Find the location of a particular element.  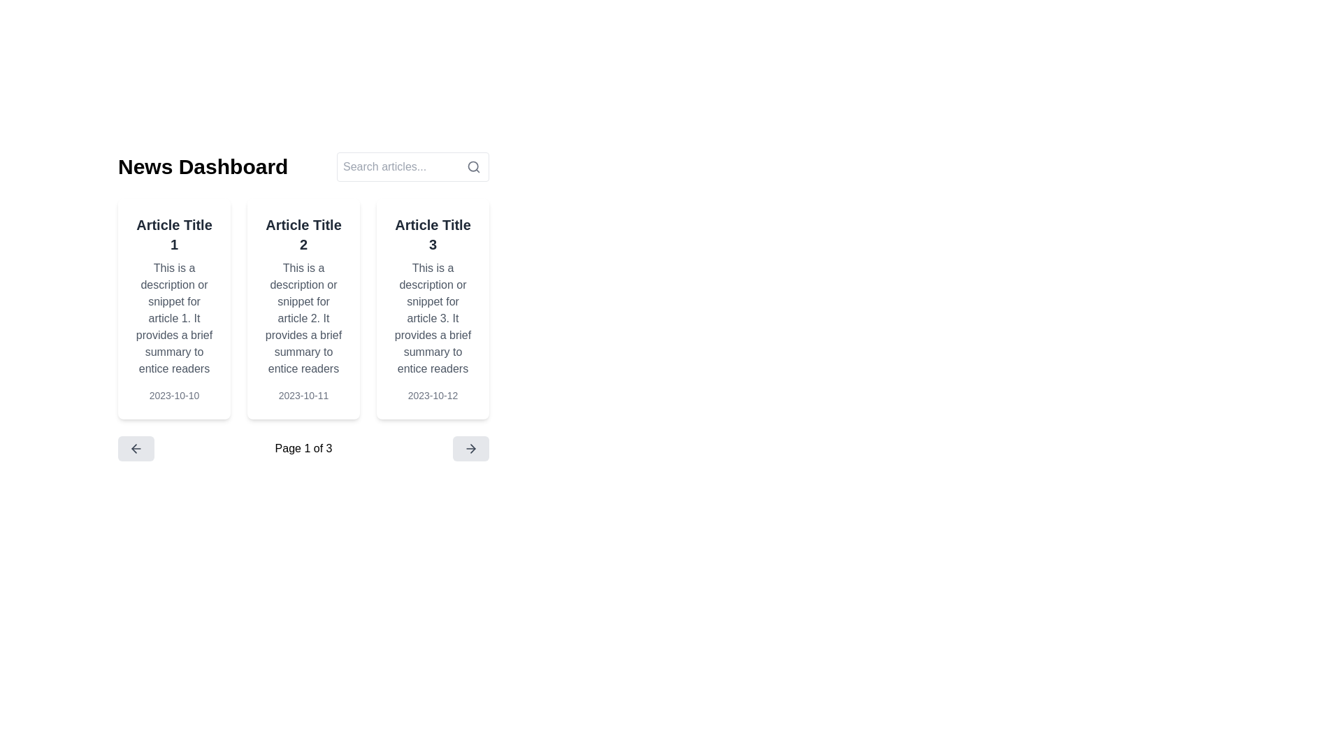

the third article summary card located in the far-right column of the three-column grid layout is located at coordinates (432, 308).